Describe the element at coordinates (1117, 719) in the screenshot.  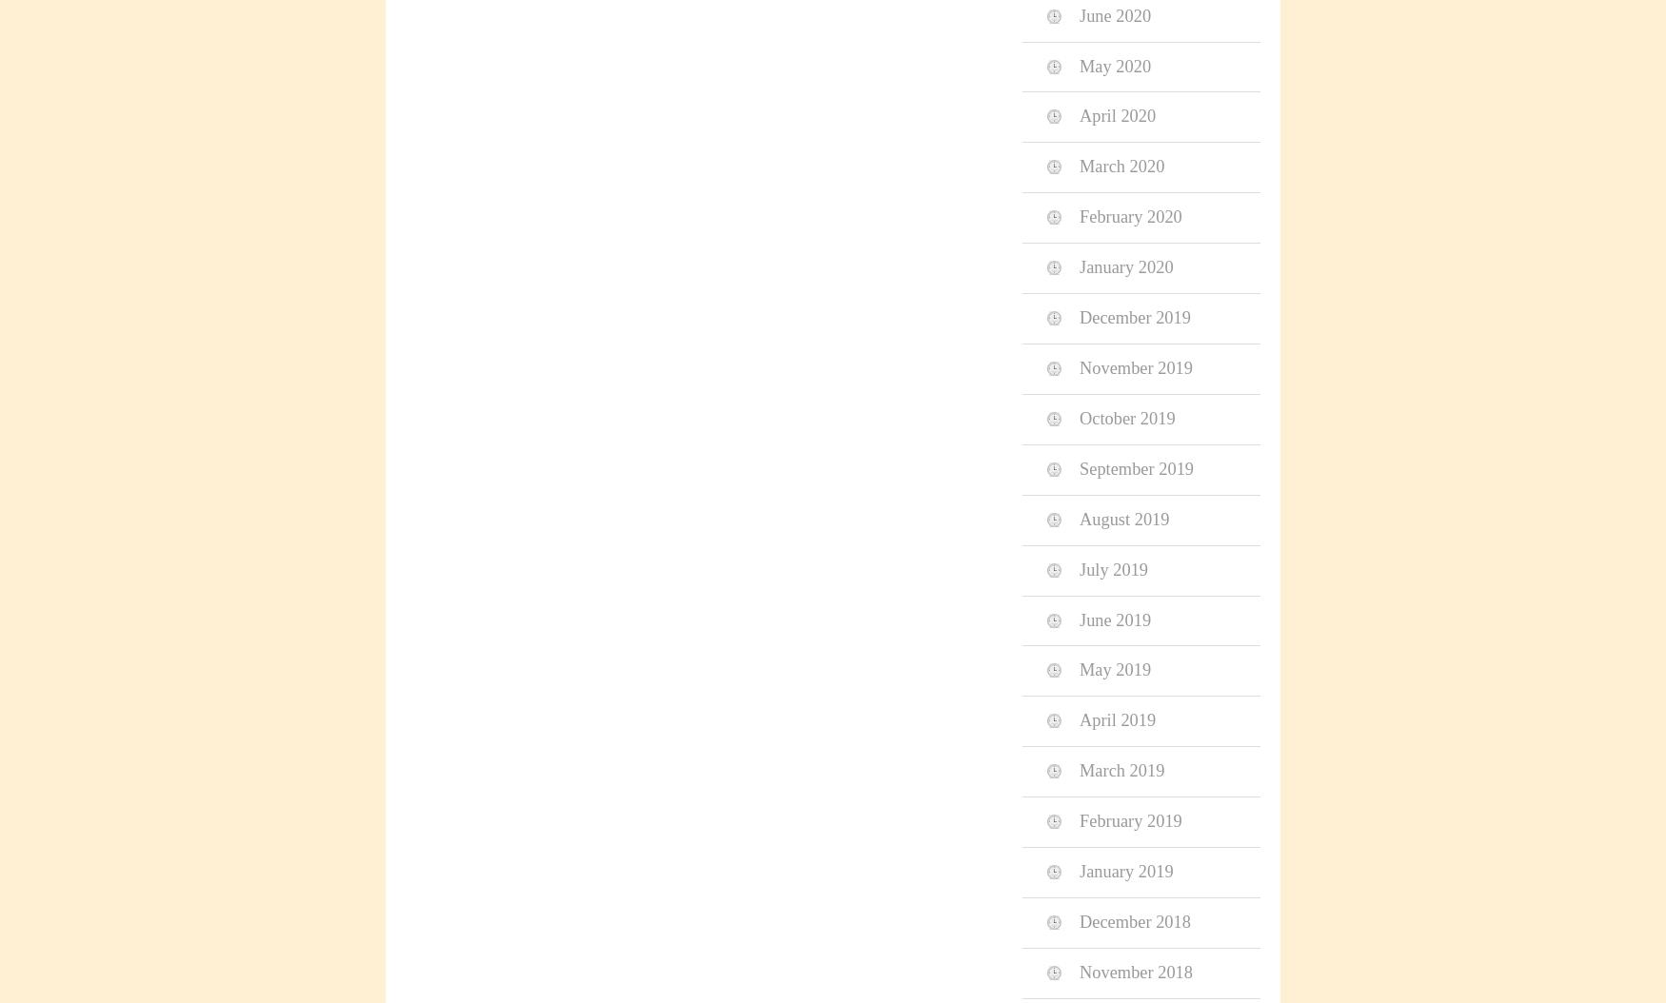
I see `'April 2019'` at that location.